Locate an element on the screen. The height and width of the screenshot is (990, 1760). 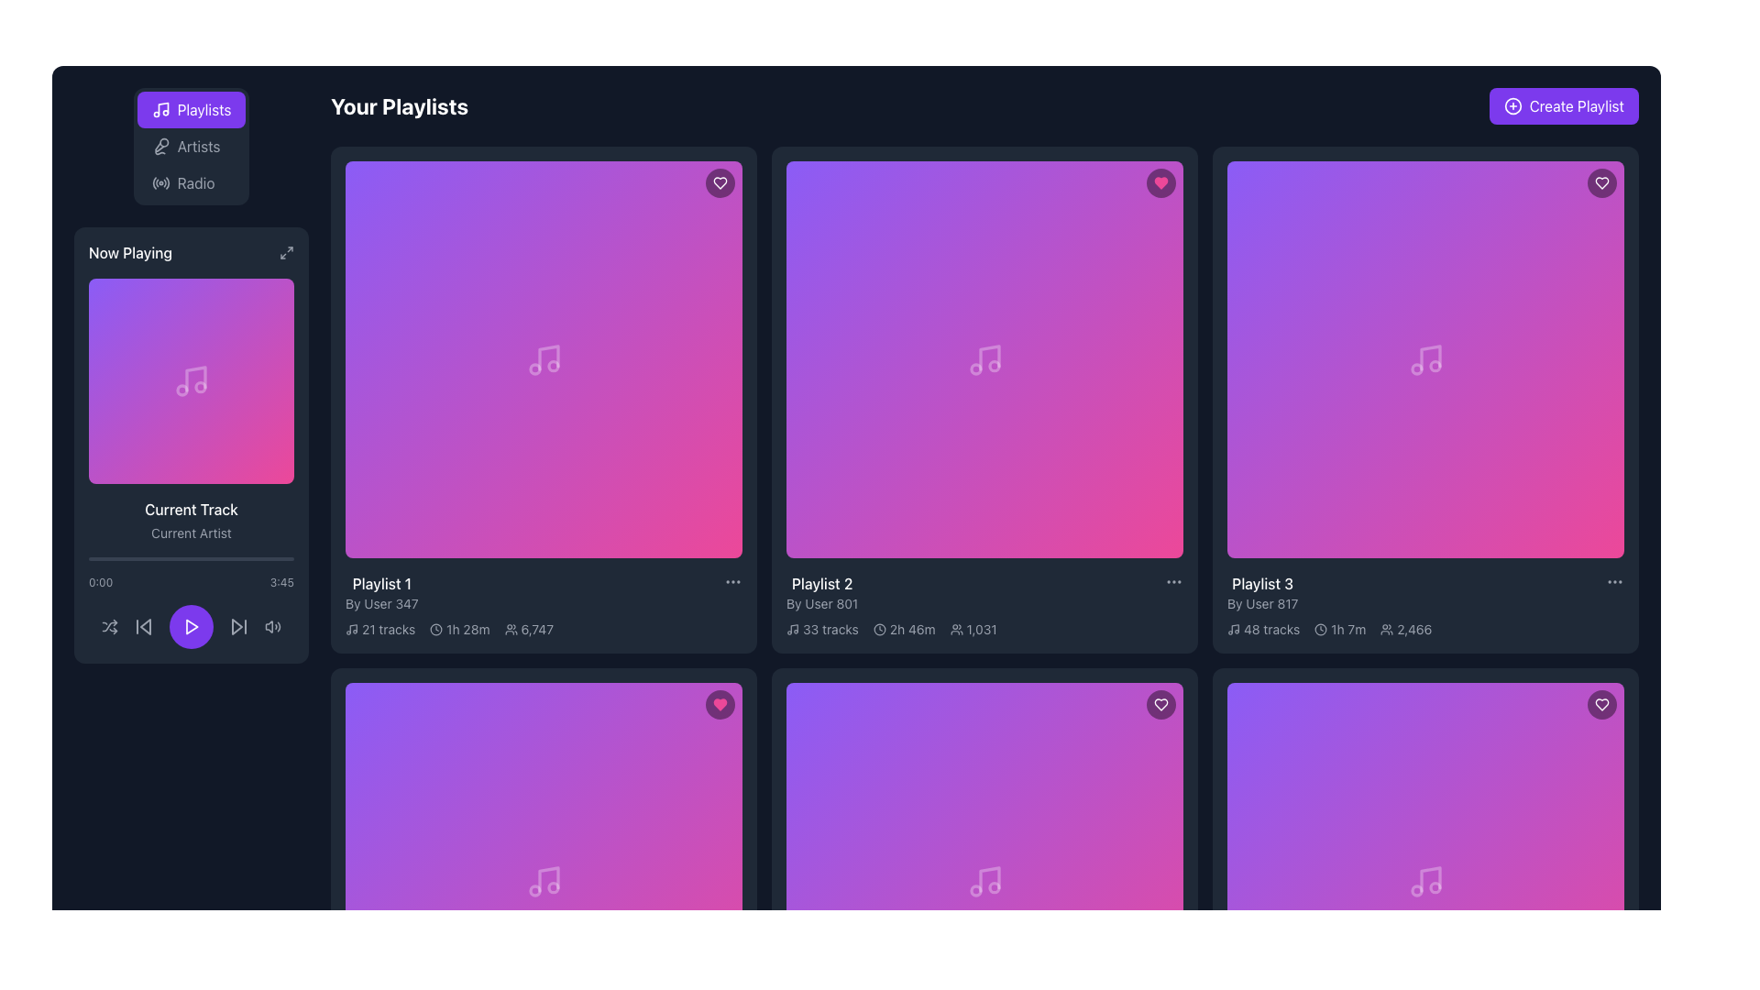
the interactive play button with a triangular play icon located within a violet circular button in the 'Playlist 2' section is located at coordinates (984, 359).